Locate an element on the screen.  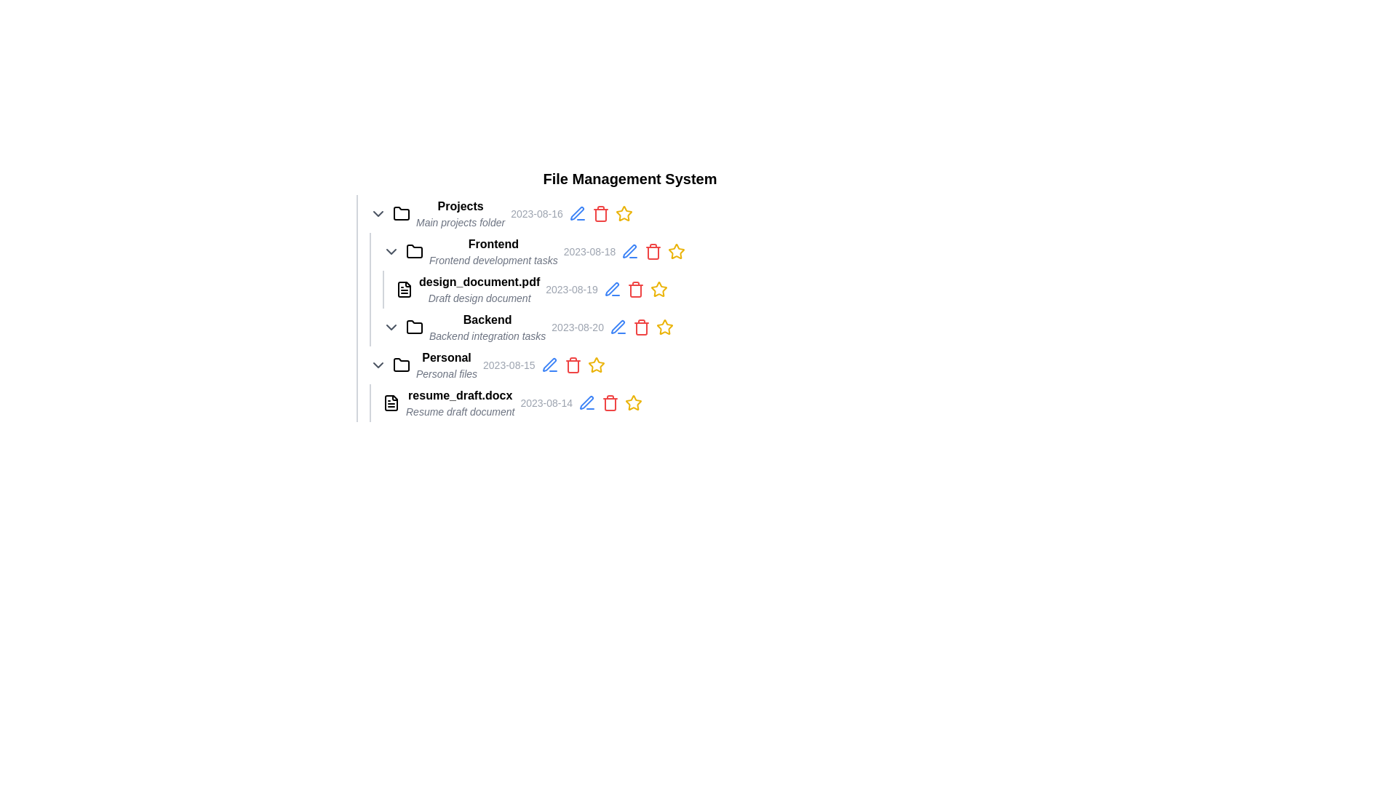
the 'Backend' folder label in the hierarchical file management system interface to identify and navigate to this specific category is located at coordinates (487, 319).